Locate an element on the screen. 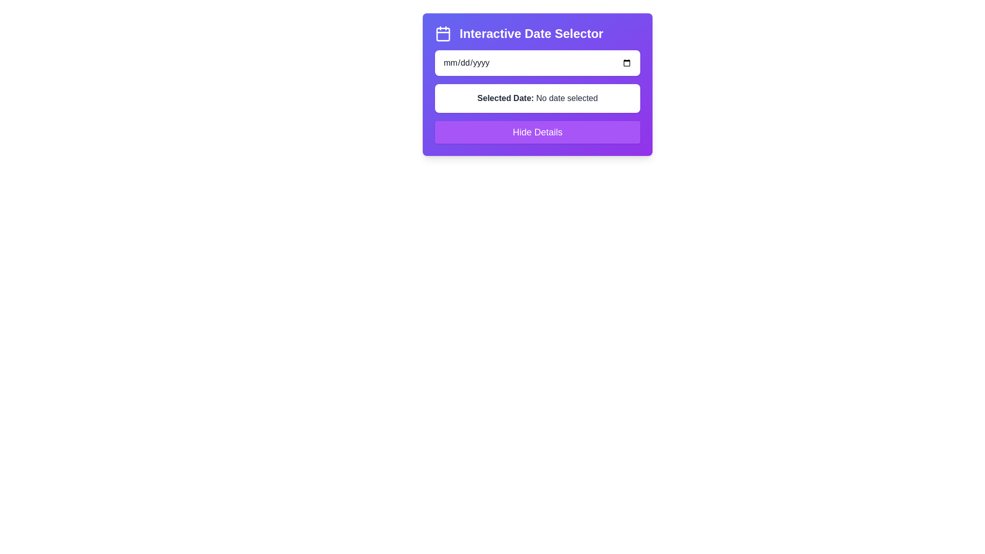 Image resolution: width=985 pixels, height=554 pixels. the decorative graphic that represents the main body or days section of the calendar icon located in the top-left corner of the Interactive Date Selector interface is located at coordinates (443, 33).